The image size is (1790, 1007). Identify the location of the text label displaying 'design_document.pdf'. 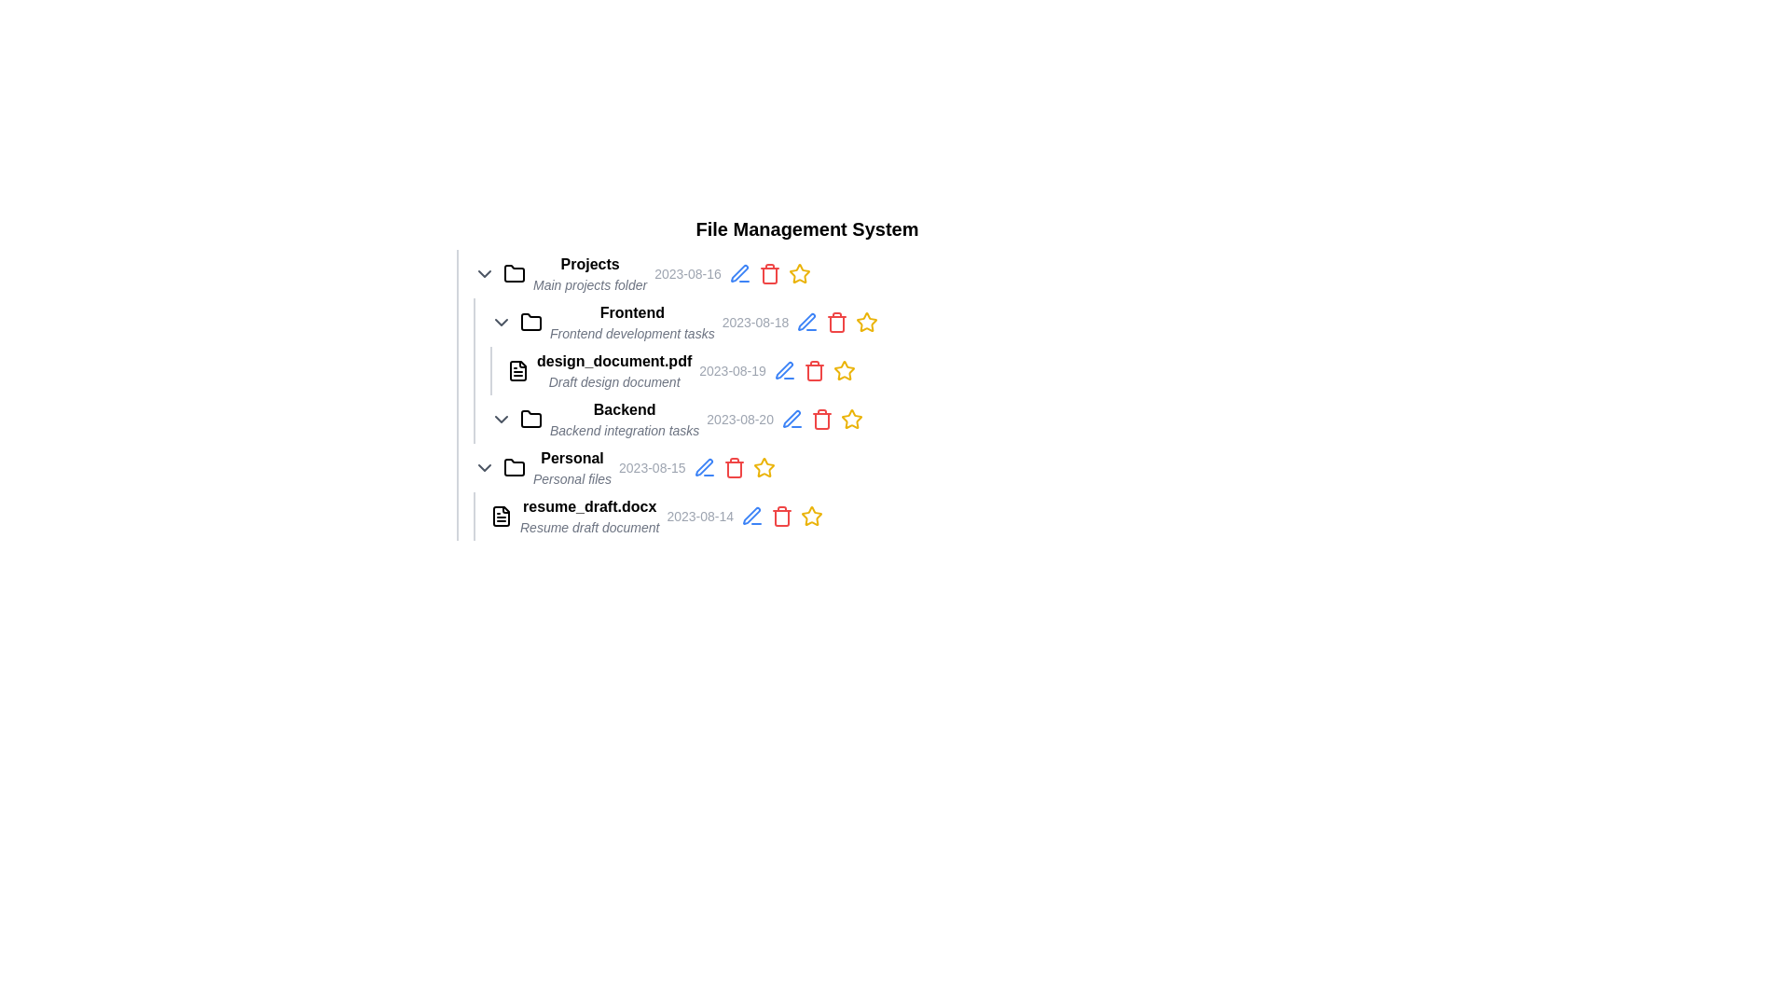
(614, 362).